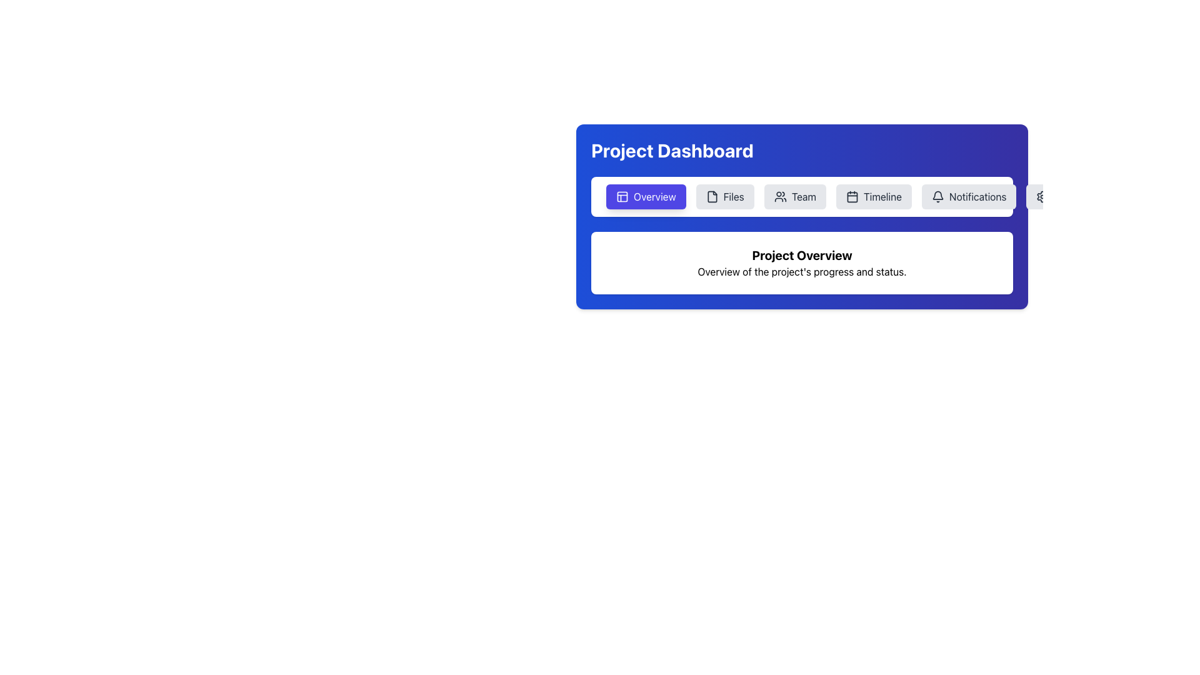  I want to click on the 'Team' text label within the navigation button, which is the third button from the left in the navigation bar, so click(804, 197).